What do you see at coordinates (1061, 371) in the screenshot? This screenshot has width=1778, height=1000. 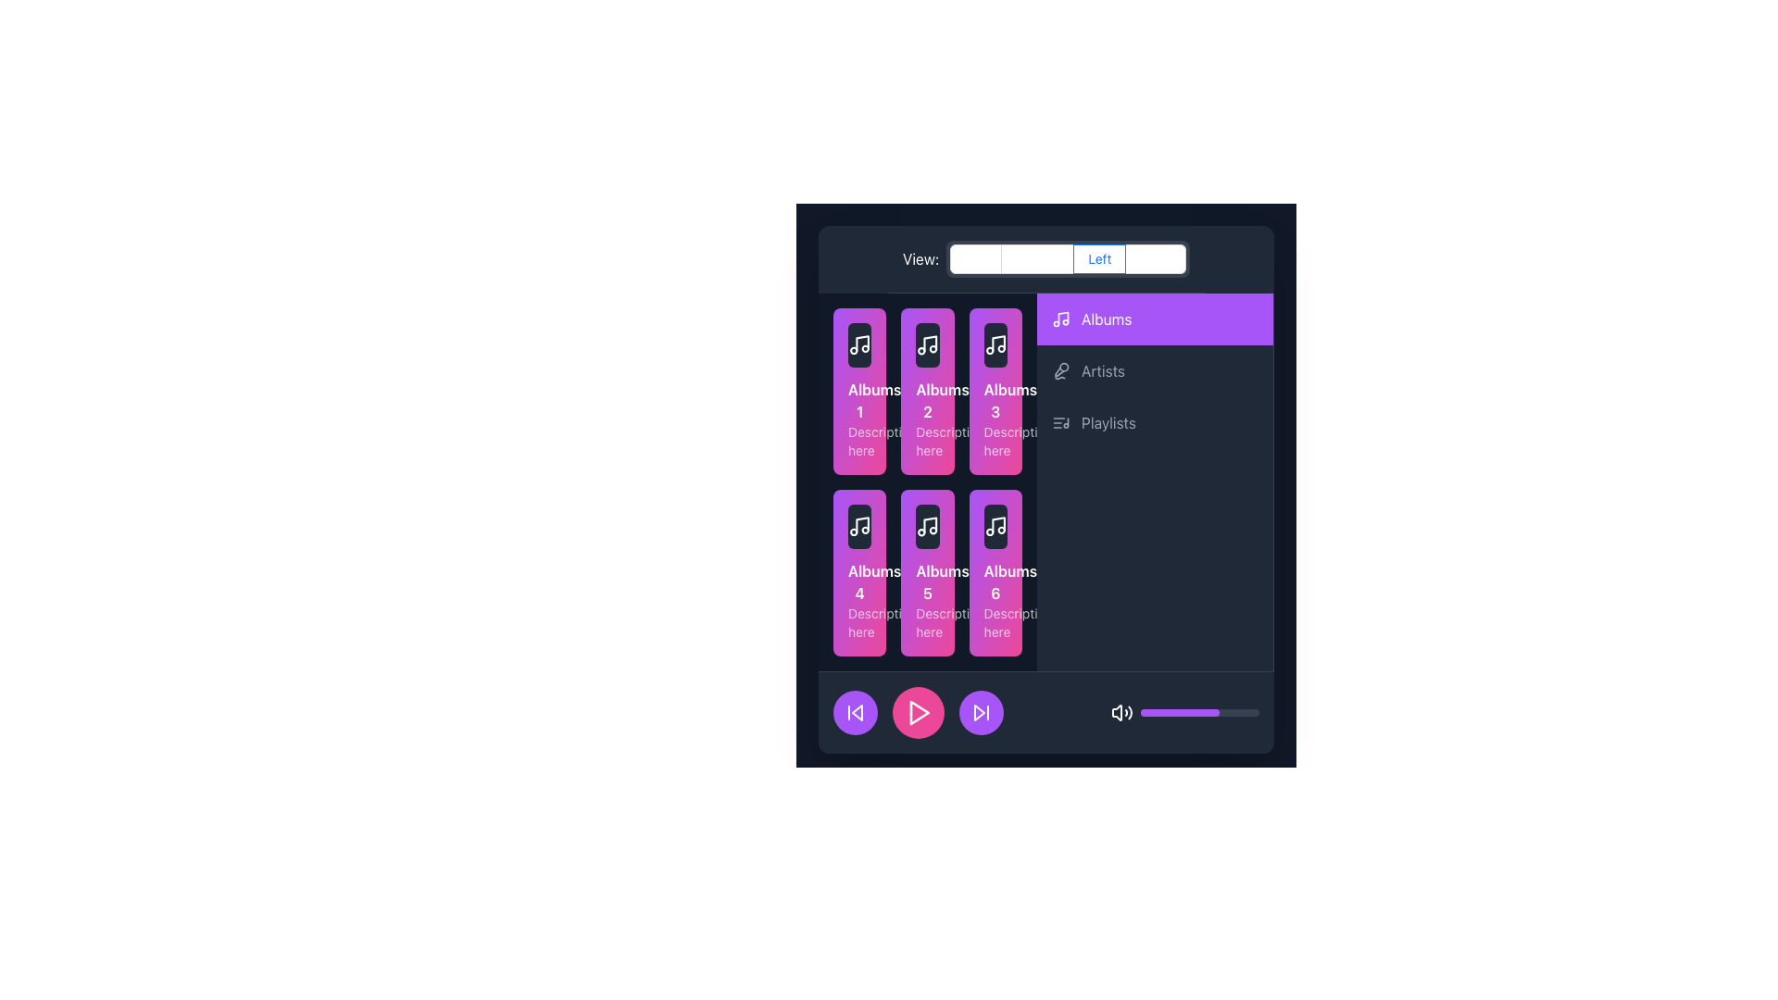 I see `the 'Artists' icon in the vertical navigation menu, located to the left of the 'Artists' label` at bounding box center [1061, 371].